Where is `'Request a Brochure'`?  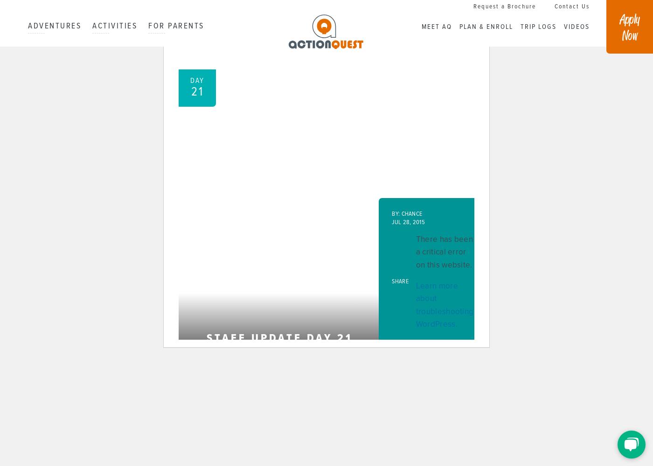
'Request a Brochure' is located at coordinates (505, 7).